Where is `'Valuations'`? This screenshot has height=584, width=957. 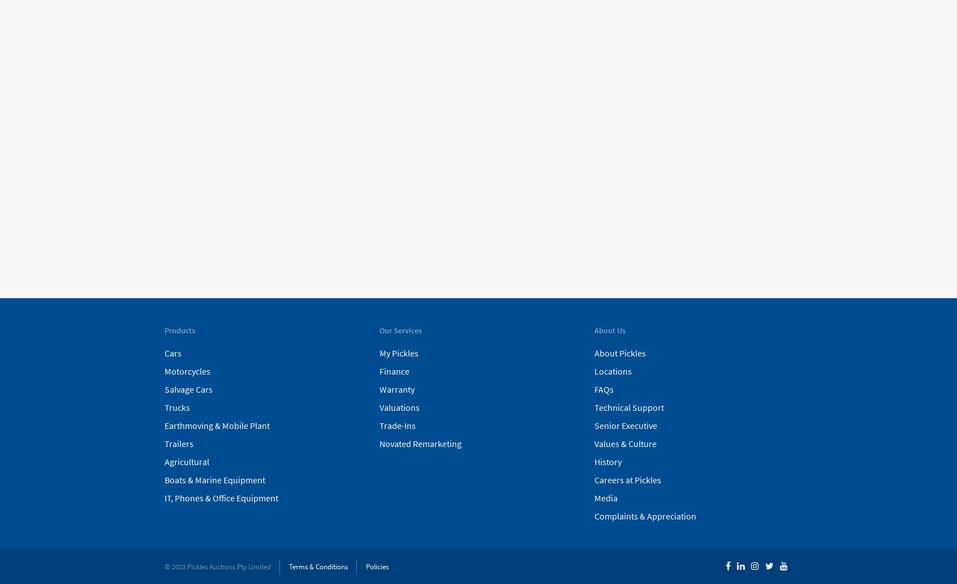 'Valuations' is located at coordinates (379, 406).